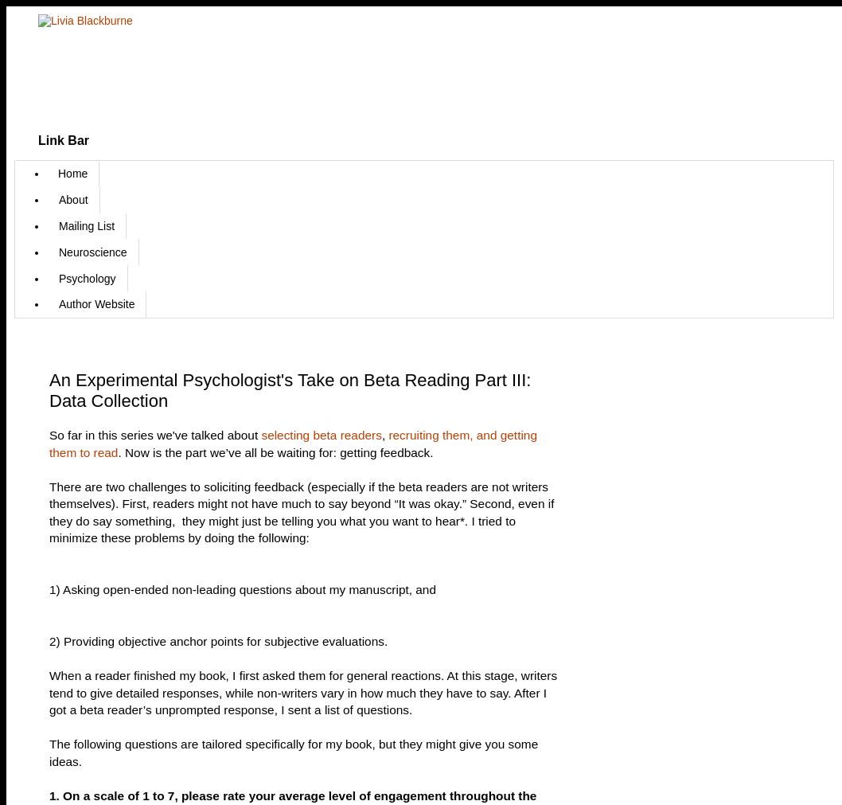  I want to click on 'Mailing List', so click(85, 225).